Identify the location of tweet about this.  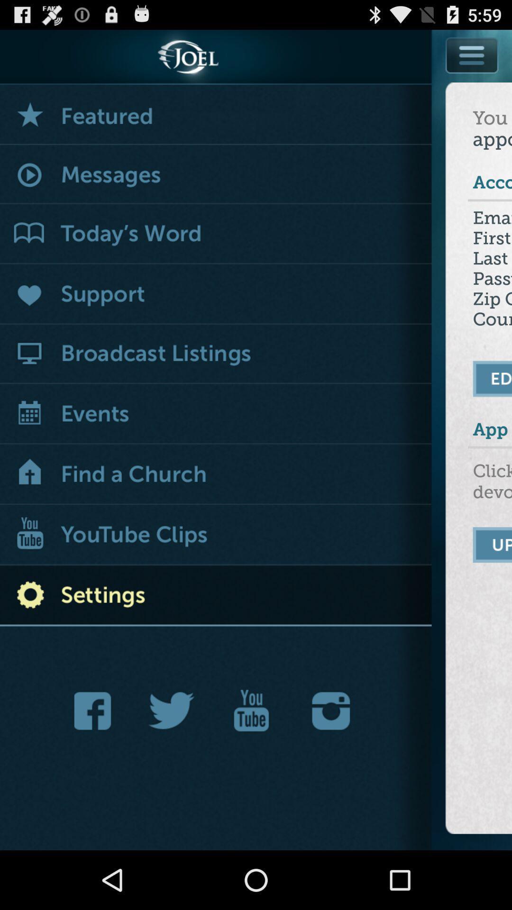
(172, 710).